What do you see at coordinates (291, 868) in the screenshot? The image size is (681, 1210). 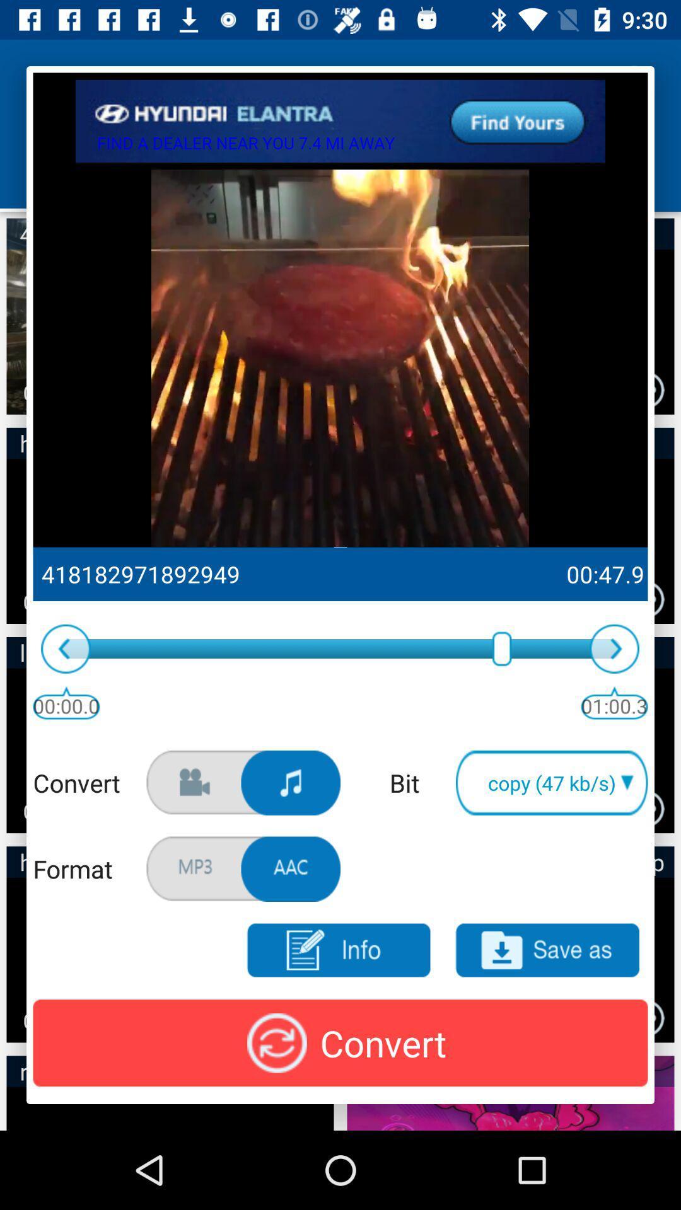 I see `switch to aac format` at bounding box center [291, 868].